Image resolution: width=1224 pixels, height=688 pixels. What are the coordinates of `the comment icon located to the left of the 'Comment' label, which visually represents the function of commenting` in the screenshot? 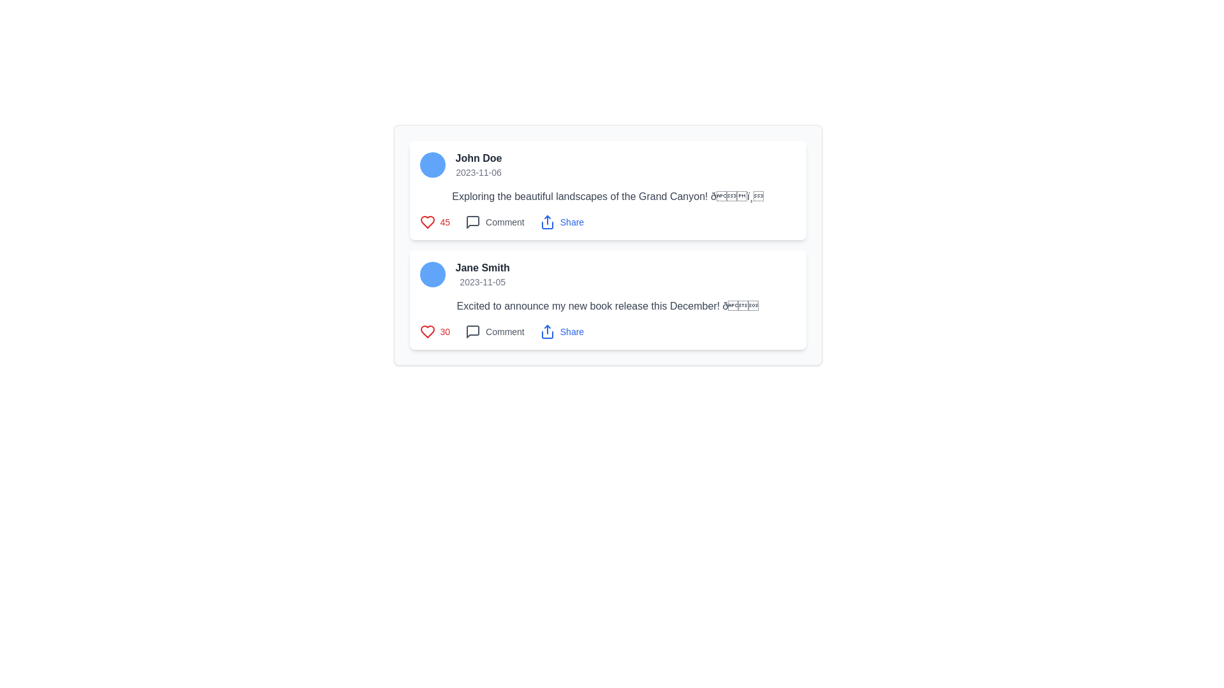 It's located at (472, 331).